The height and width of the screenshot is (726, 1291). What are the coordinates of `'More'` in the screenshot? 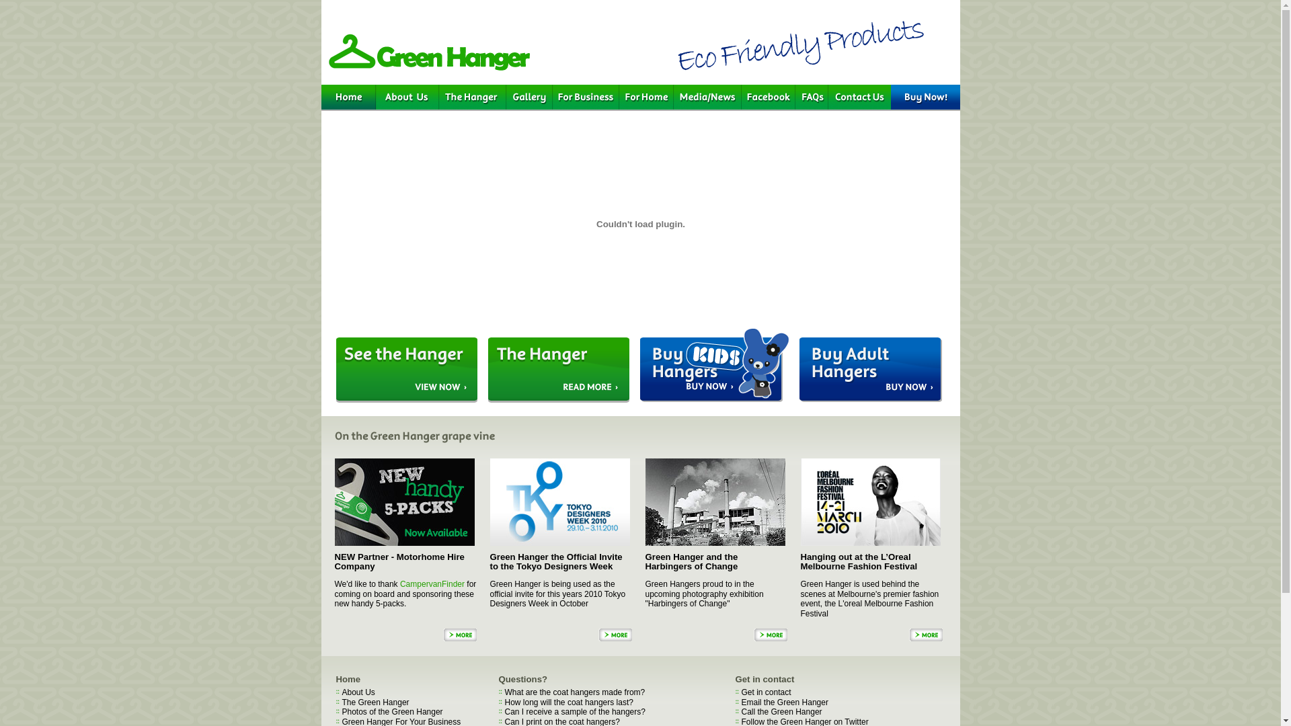 It's located at (925, 635).